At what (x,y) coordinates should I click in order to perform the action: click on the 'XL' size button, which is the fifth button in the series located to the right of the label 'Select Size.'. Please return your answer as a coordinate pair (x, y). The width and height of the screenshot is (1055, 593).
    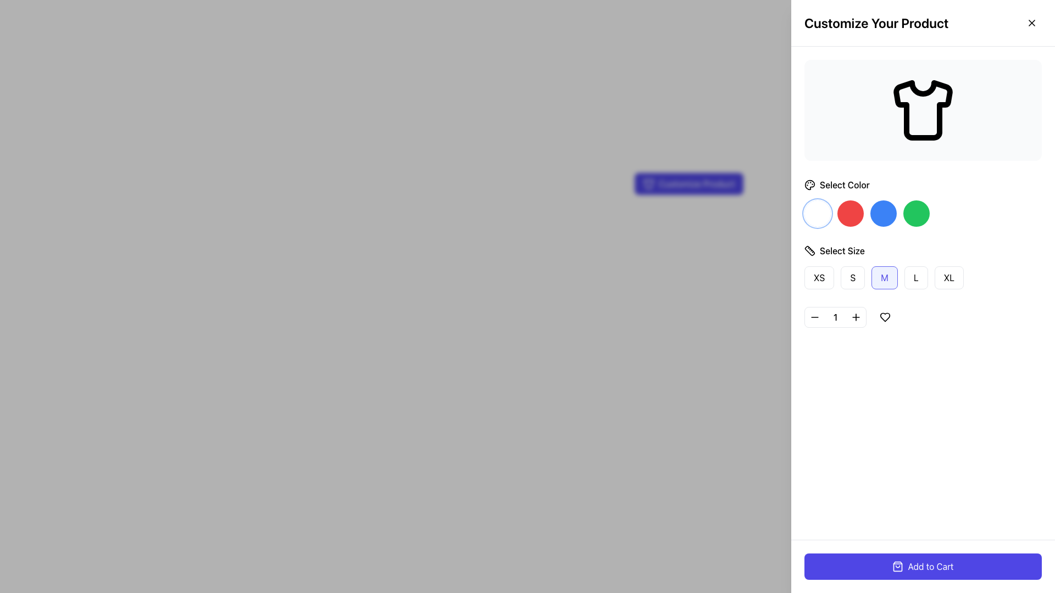
    Looking at the image, I should click on (948, 277).